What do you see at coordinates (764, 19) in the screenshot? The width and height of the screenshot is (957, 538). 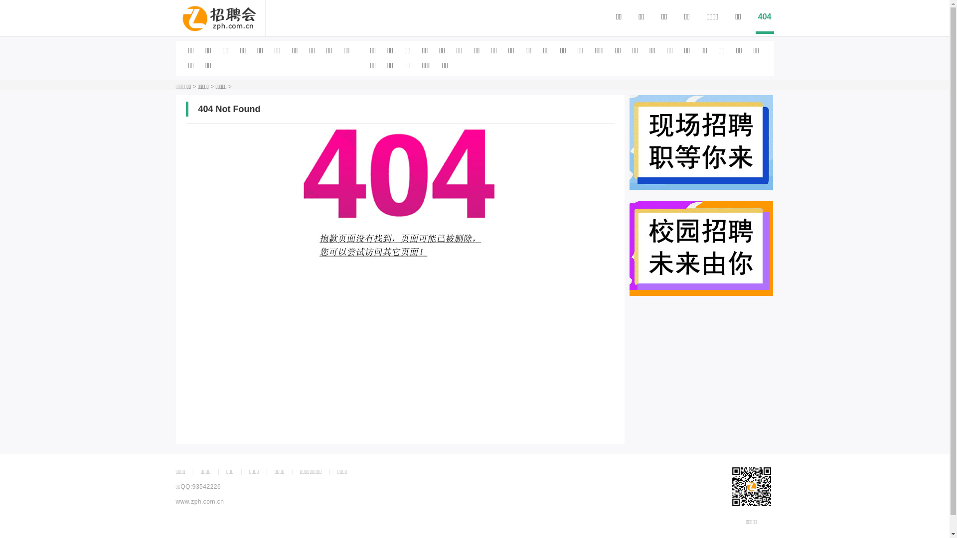 I see `'404'` at bounding box center [764, 19].